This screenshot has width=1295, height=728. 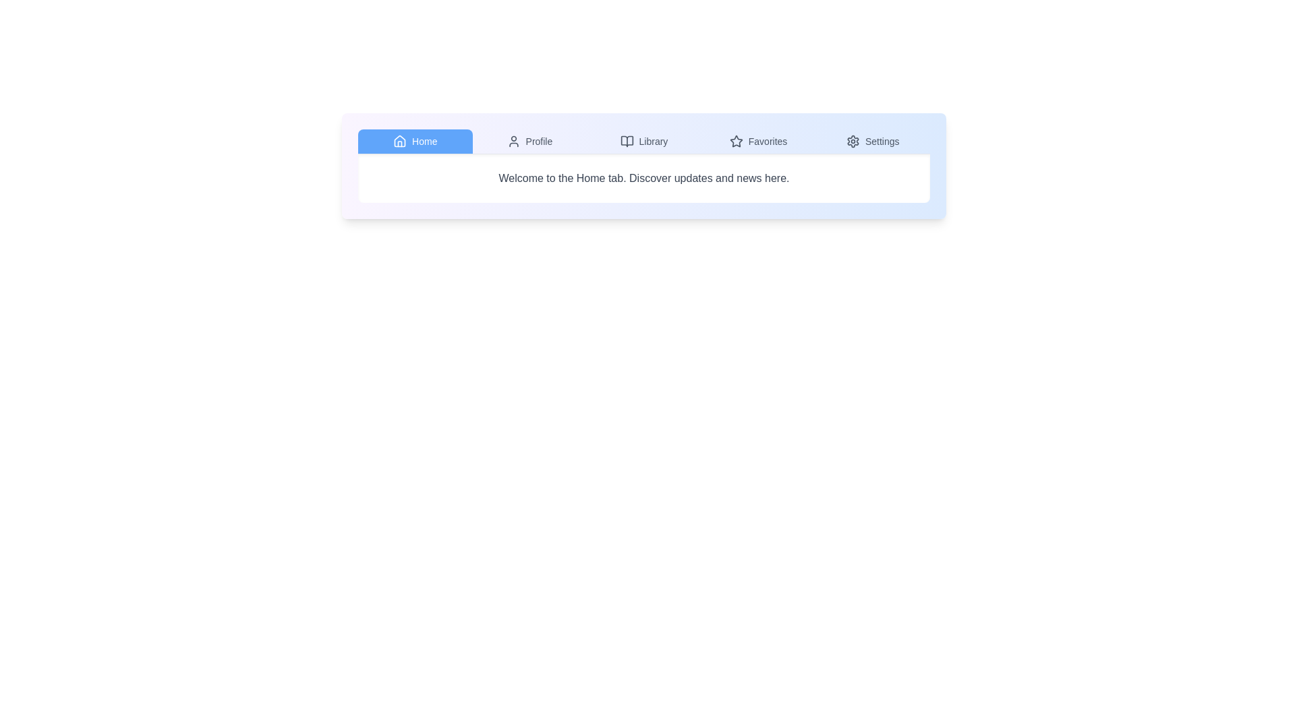 I want to click on the star-shaped icon with a minimalistic design, located to the left of the 'Favorites' text in the horizontal navigation bar, so click(x=735, y=141).